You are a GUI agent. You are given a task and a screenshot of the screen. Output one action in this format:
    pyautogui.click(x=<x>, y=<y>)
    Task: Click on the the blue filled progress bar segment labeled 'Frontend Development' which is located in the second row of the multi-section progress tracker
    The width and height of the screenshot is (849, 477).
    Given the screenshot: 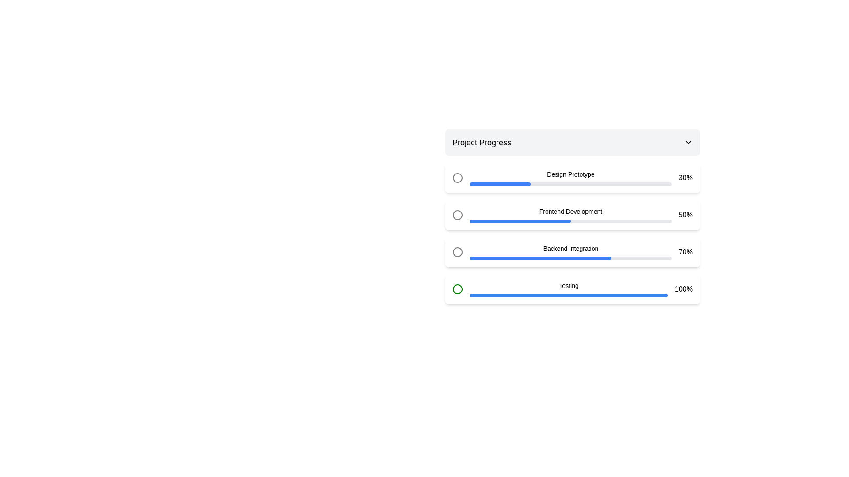 What is the action you would take?
    pyautogui.click(x=520, y=221)
    